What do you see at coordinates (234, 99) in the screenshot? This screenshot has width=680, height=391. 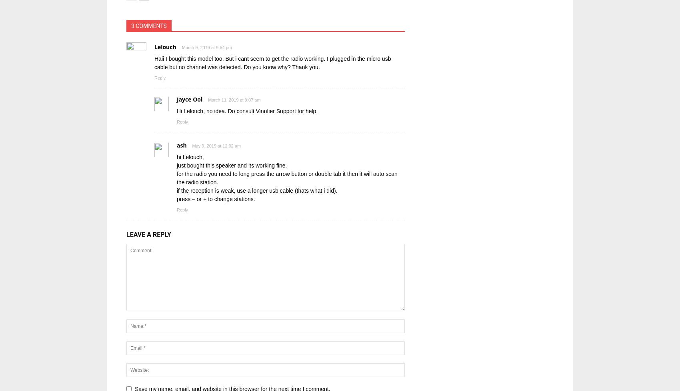 I see `'March 11, 2019 at 9:07 am'` at bounding box center [234, 99].